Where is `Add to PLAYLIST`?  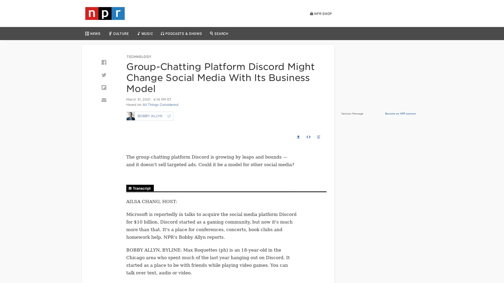
Add to PLAYLIST is located at coordinates (279, 136).